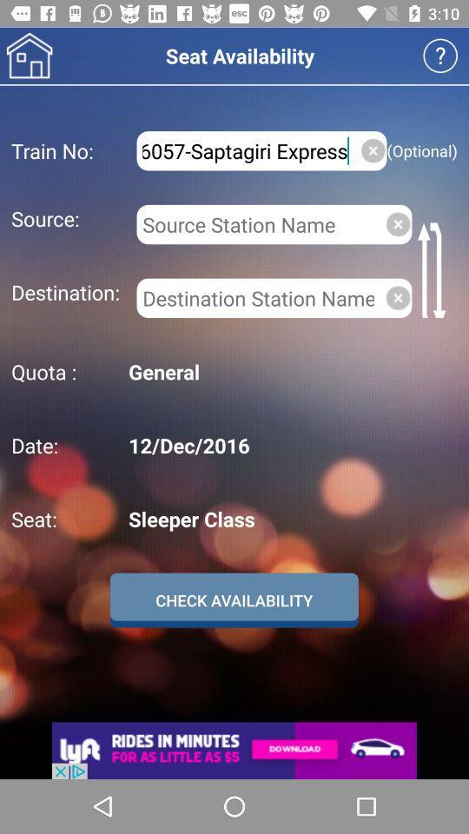 The height and width of the screenshot is (834, 469). I want to click on the close icon, so click(398, 298).